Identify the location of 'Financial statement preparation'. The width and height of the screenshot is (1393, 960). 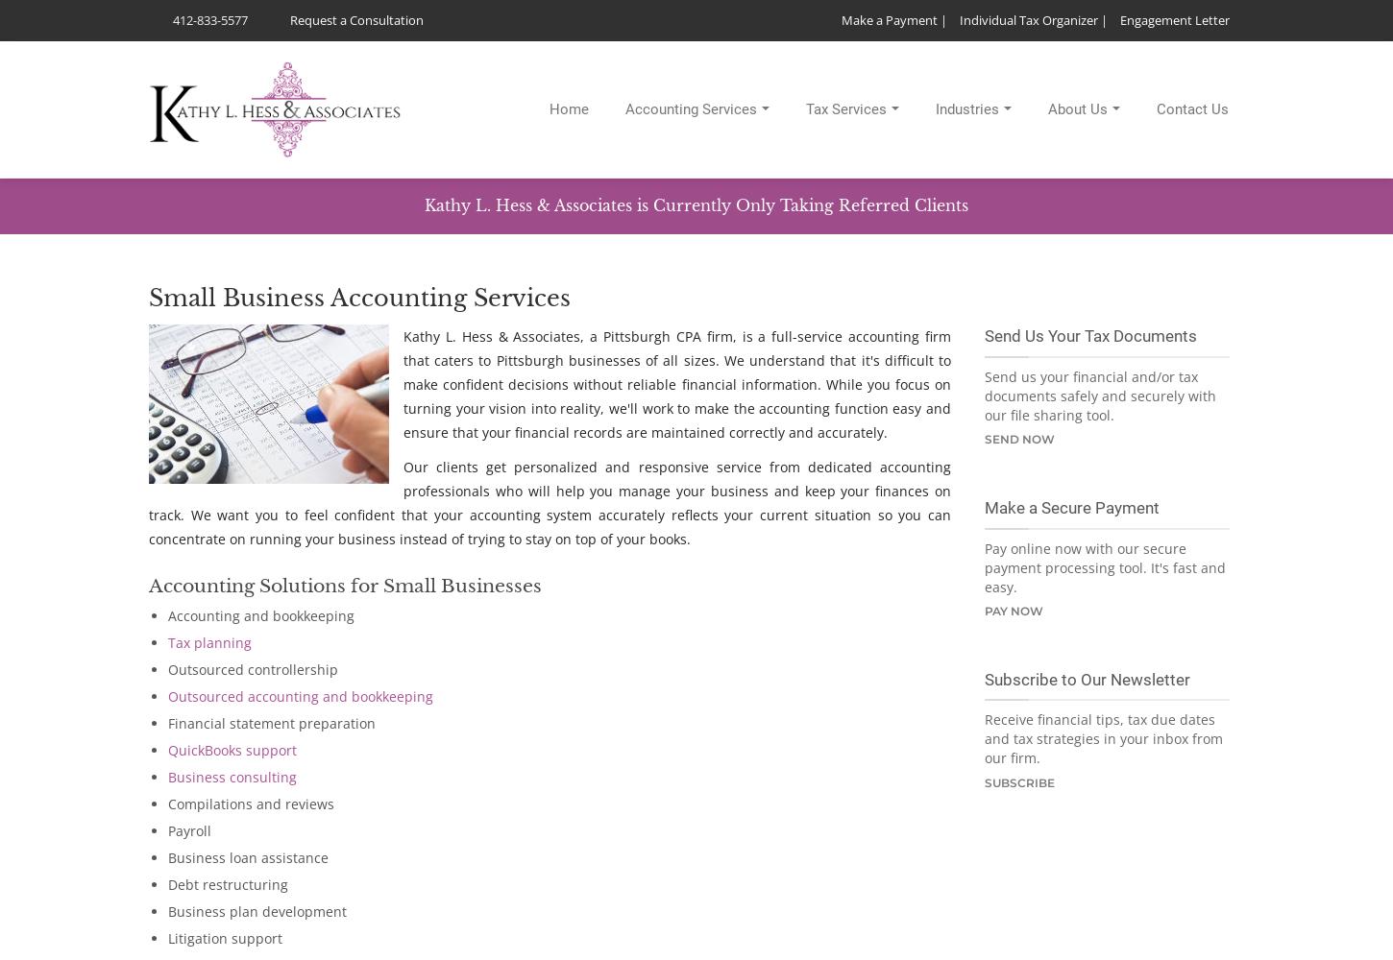
(167, 723).